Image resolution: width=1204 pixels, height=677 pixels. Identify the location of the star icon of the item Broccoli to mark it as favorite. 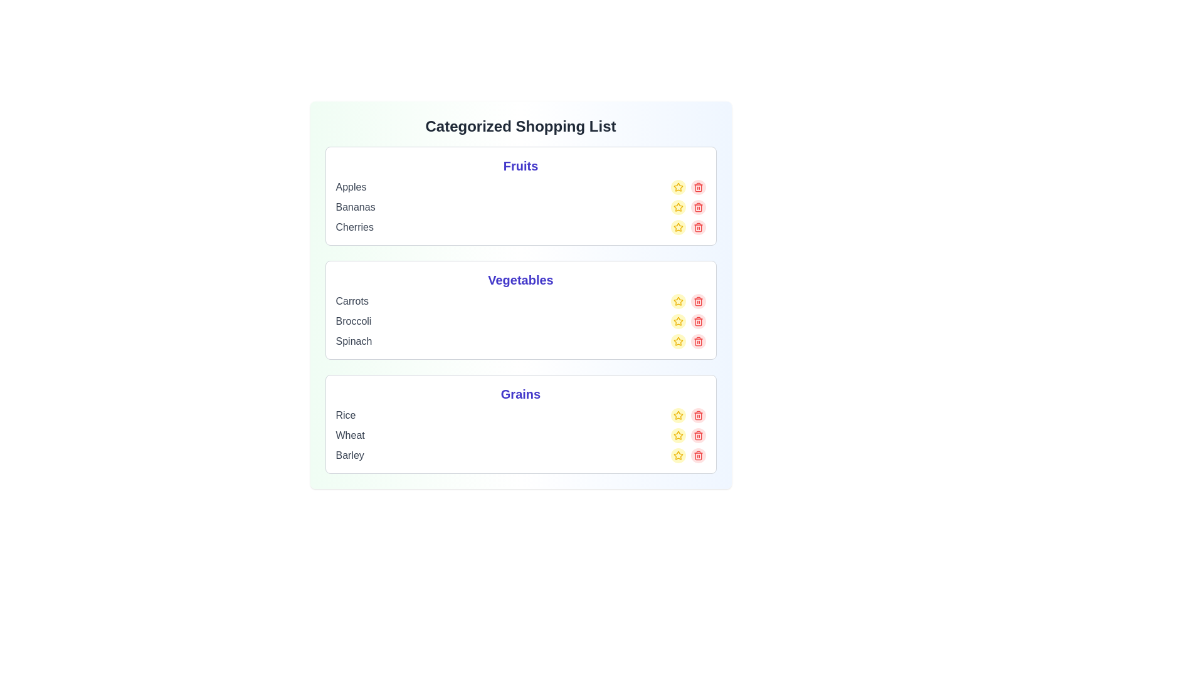
(677, 321).